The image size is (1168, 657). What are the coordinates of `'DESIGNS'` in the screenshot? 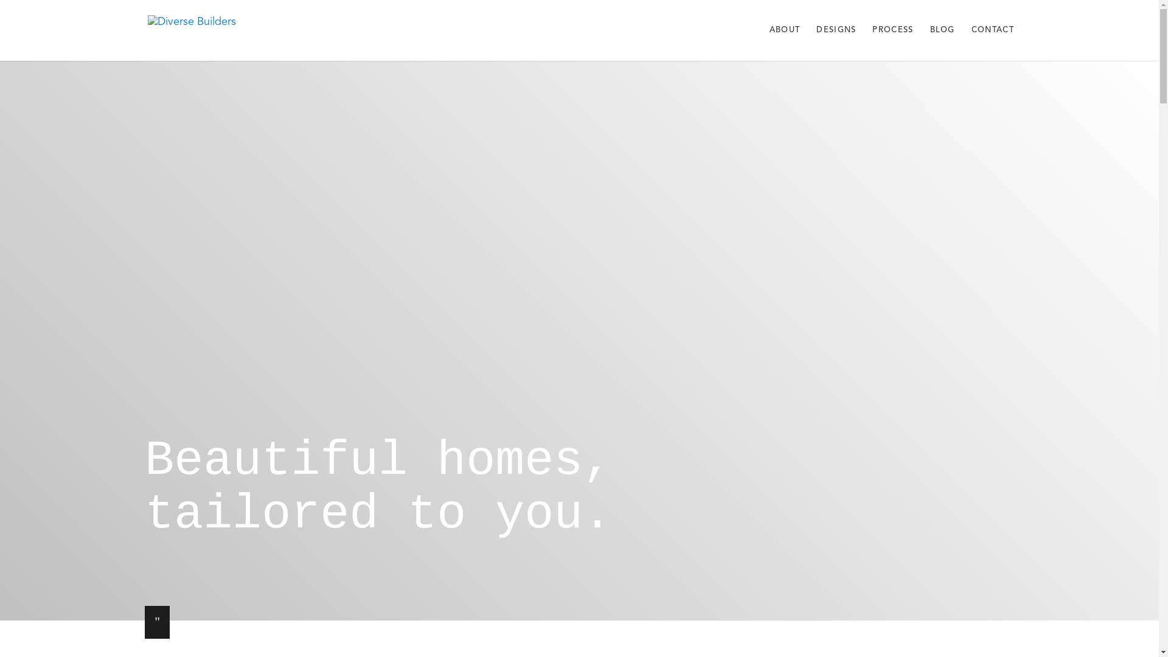 It's located at (835, 43).